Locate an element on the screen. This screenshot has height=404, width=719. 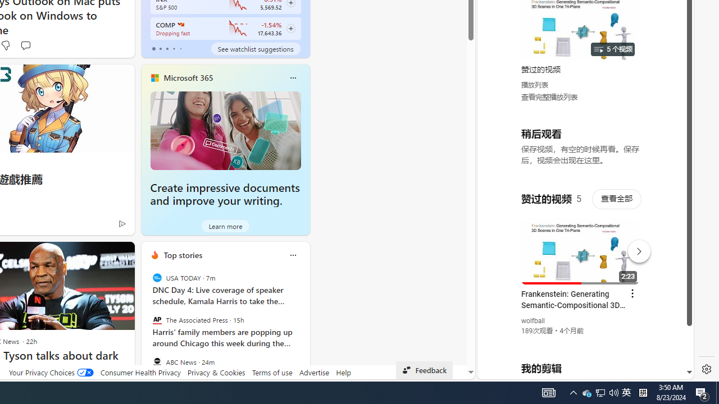
'tab-4' is located at coordinates (180, 48).